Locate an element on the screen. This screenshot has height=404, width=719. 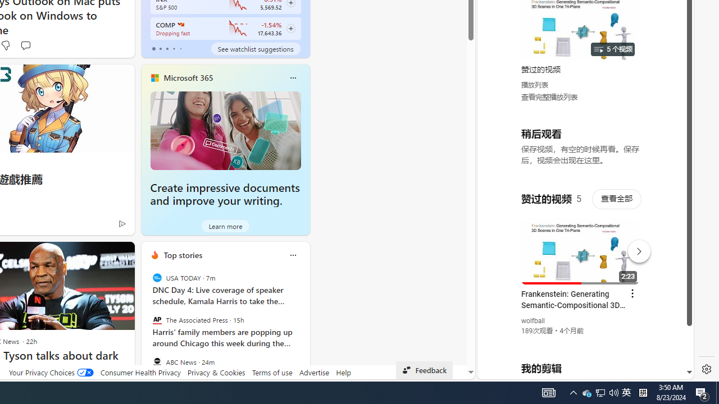
'tab-4' is located at coordinates (180, 48).